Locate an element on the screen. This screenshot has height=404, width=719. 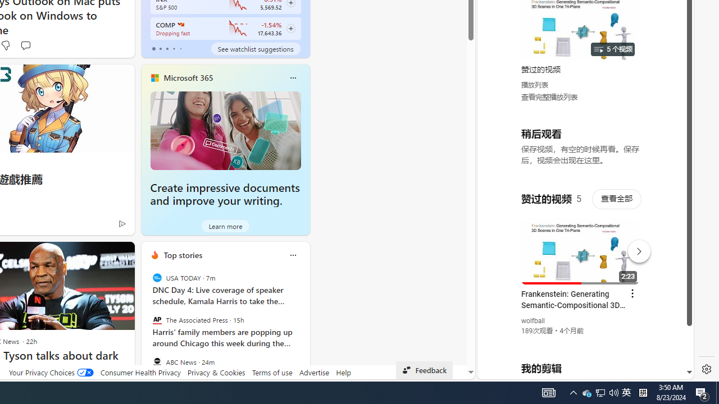
'tab-4' is located at coordinates (180, 48).